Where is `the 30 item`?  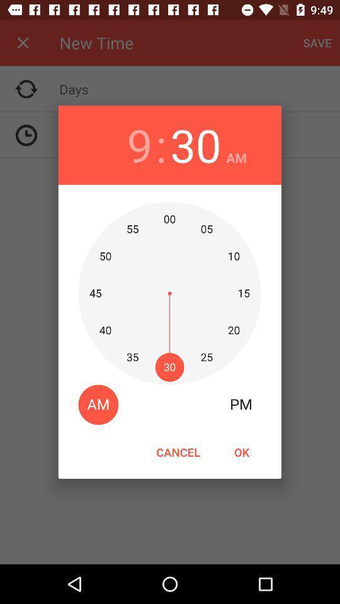
the 30 item is located at coordinates (195, 145).